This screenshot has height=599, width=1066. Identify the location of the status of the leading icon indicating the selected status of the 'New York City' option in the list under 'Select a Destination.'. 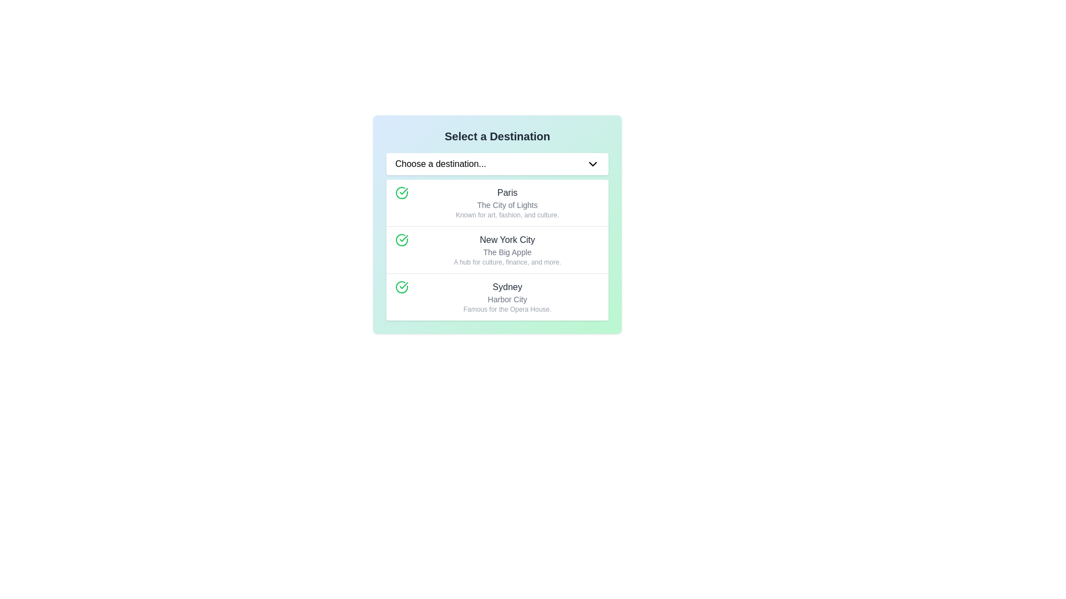
(401, 239).